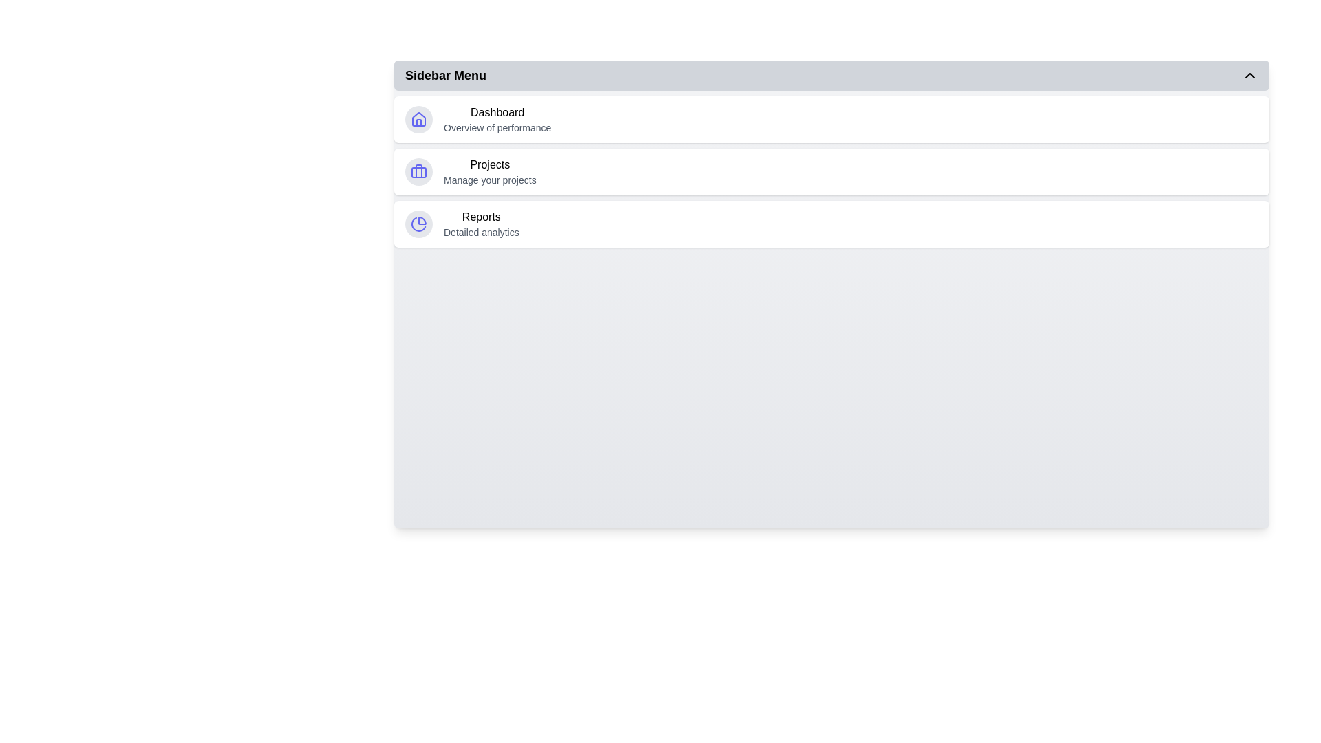 This screenshot has width=1321, height=743. What do you see at coordinates (831, 224) in the screenshot?
I see `the menu item Reports to navigate to the respective section` at bounding box center [831, 224].